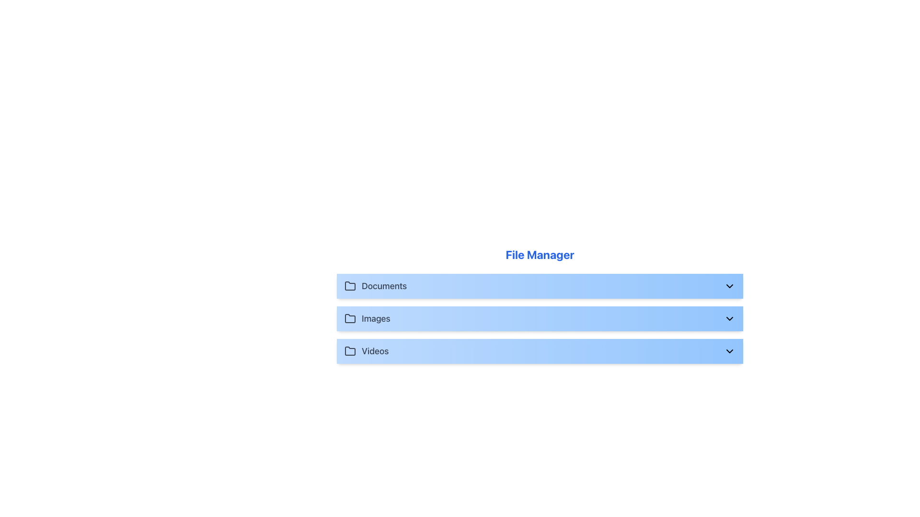 The width and height of the screenshot is (920, 517). What do you see at coordinates (366, 351) in the screenshot?
I see `the 'Videos' list item` at bounding box center [366, 351].